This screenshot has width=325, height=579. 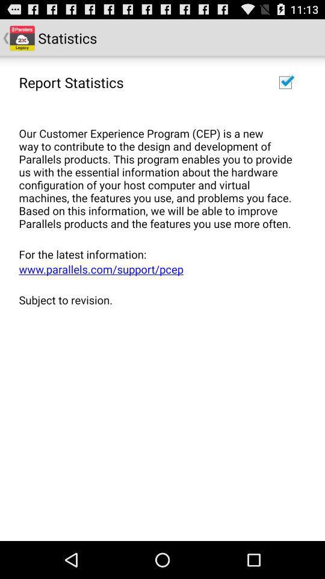 What do you see at coordinates (158, 299) in the screenshot?
I see `the subject to revision. item` at bounding box center [158, 299].